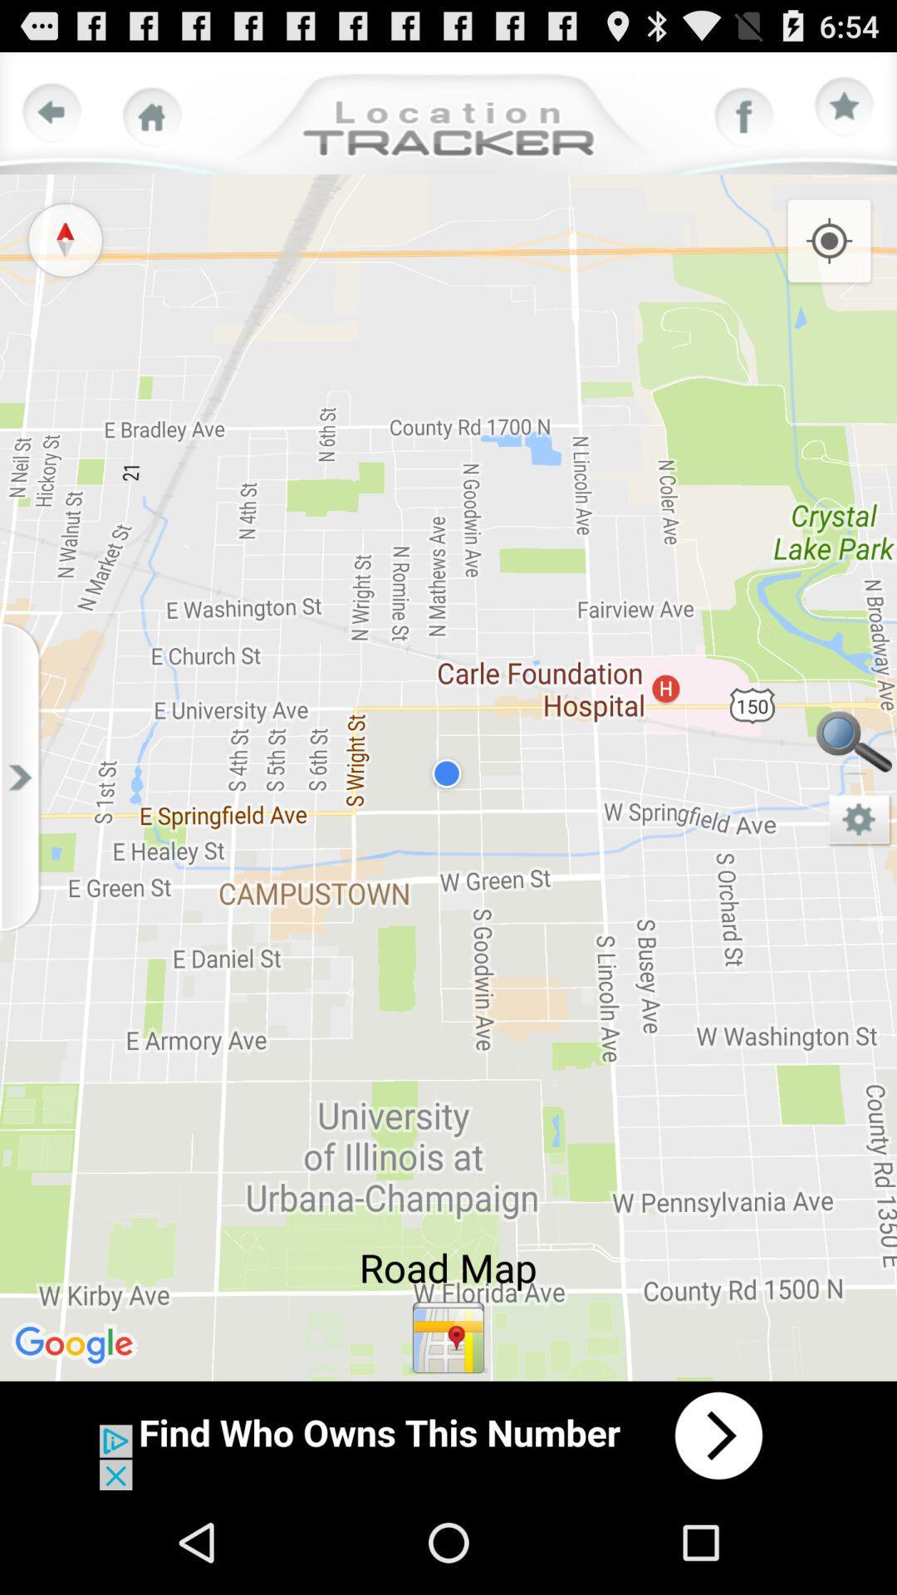 The height and width of the screenshot is (1595, 897). What do you see at coordinates (853, 744) in the screenshot?
I see `search` at bounding box center [853, 744].